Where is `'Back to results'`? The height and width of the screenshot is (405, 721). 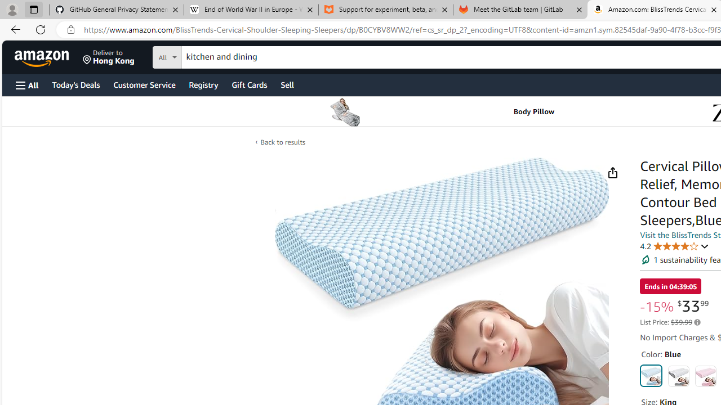
'Back to results' is located at coordinates (282, 142).